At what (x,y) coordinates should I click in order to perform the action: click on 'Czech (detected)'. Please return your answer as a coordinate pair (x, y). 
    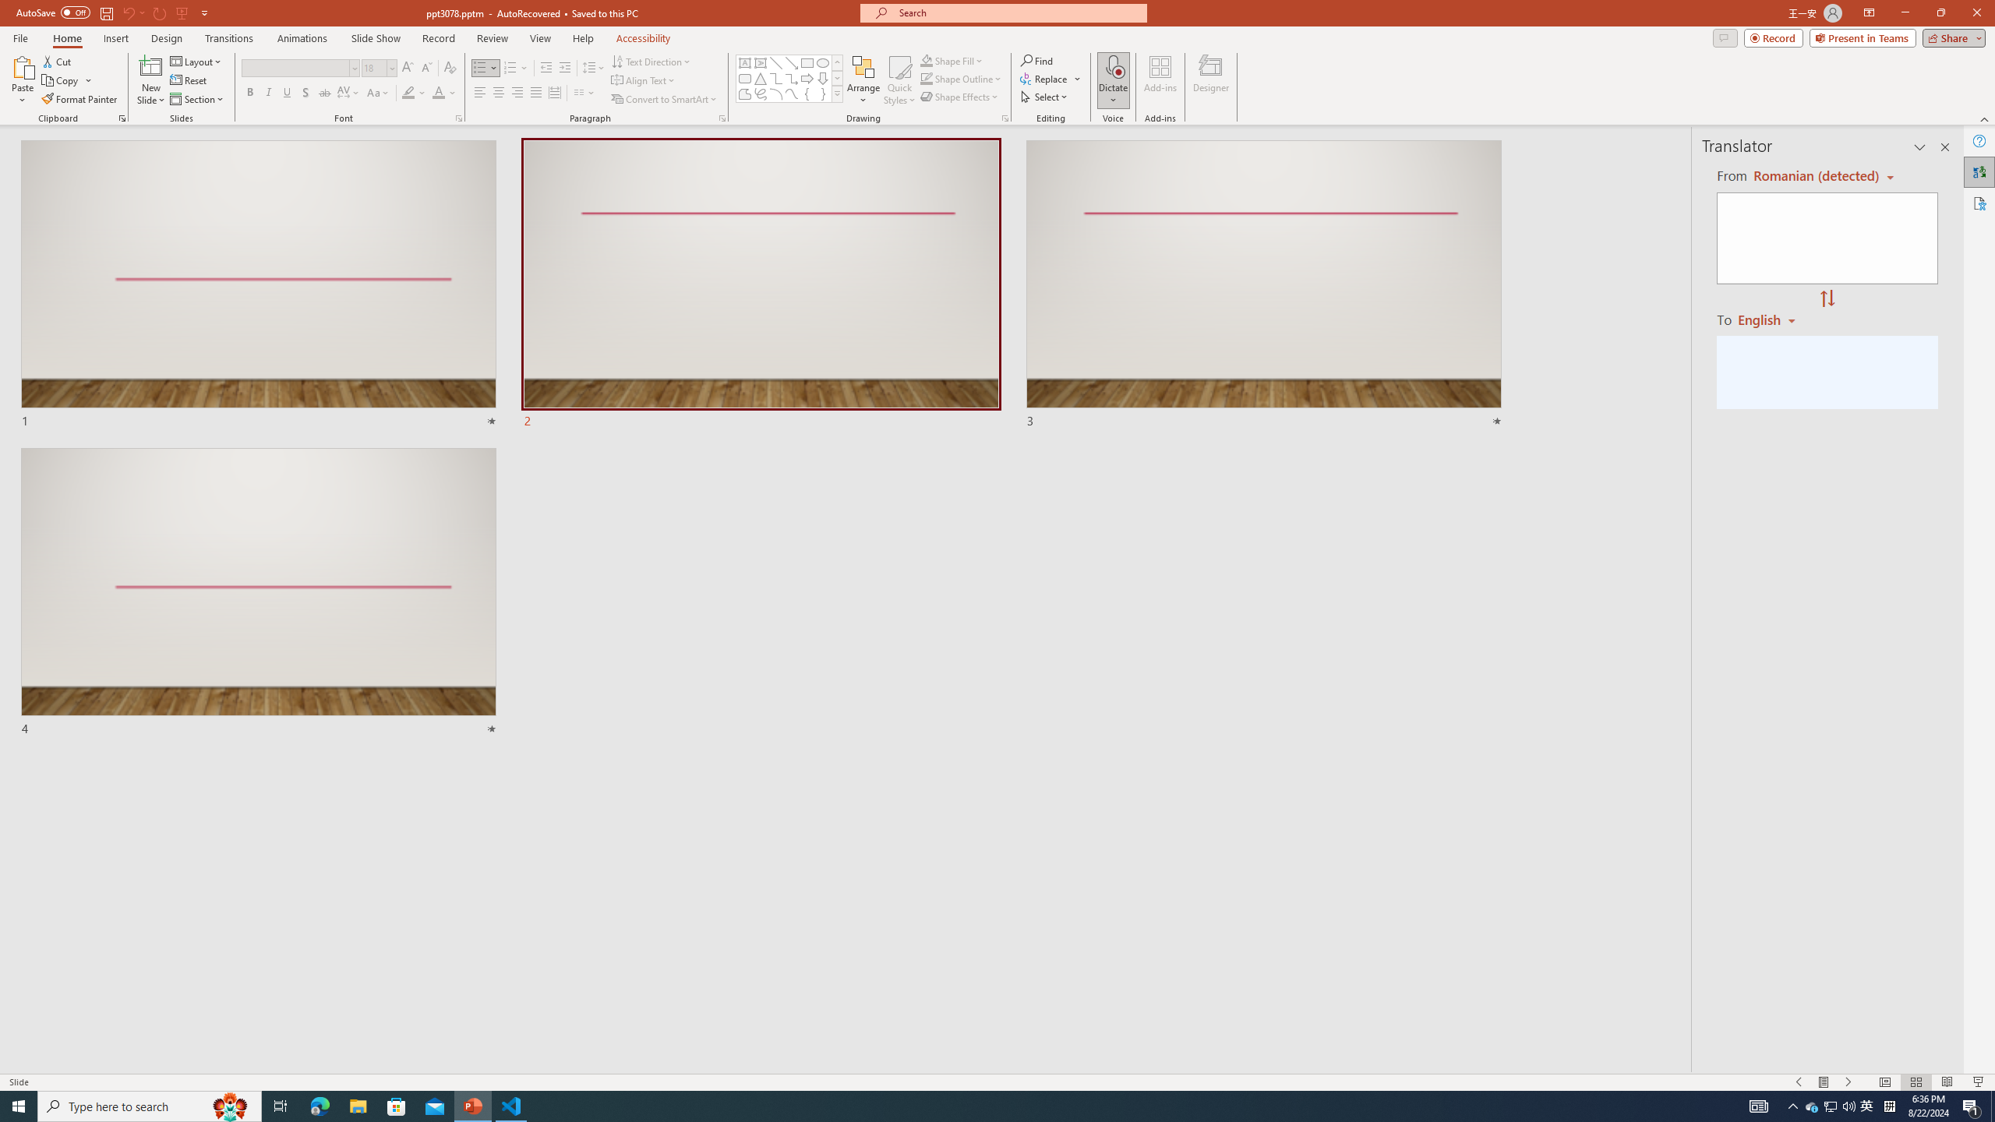
    Looking at the image, I should click on (1813, 175).